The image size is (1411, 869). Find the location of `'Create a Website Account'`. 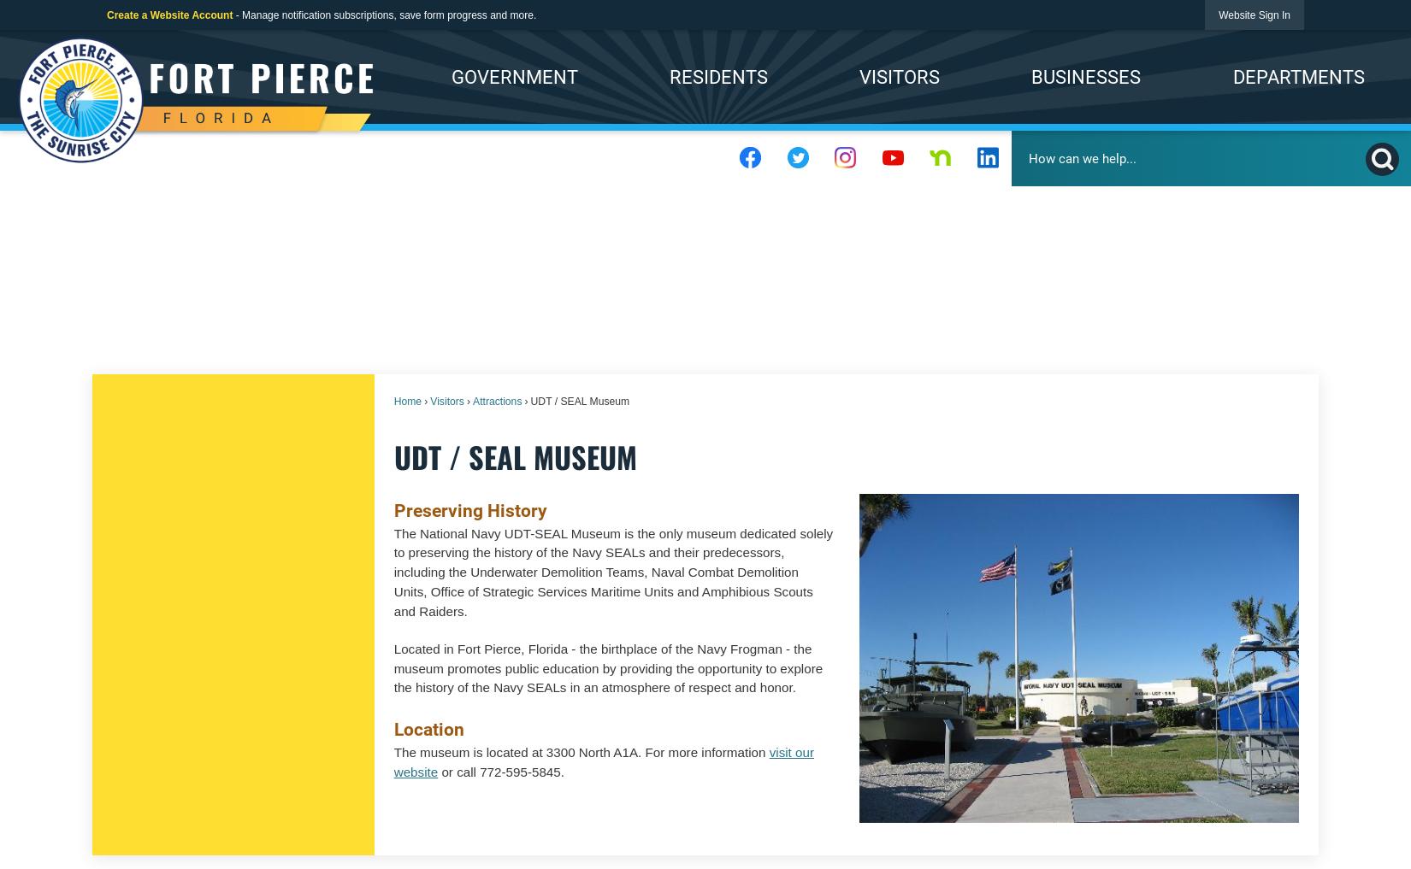

'Create a Website Account' is located at coordinates (169, 15).